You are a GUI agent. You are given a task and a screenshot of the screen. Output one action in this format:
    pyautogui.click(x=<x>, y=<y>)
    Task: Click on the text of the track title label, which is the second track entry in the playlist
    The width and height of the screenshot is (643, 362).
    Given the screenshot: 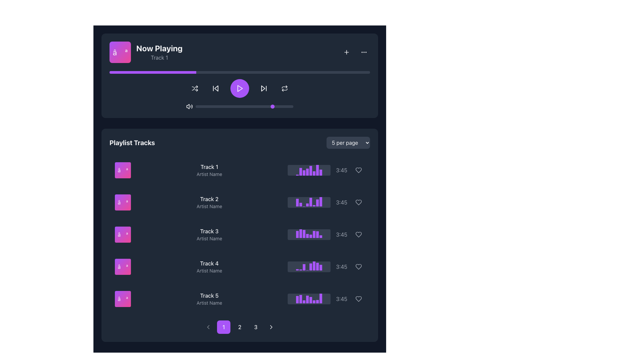 What is the action you would take?
    pyautogui.click(x=209, y=199)
    